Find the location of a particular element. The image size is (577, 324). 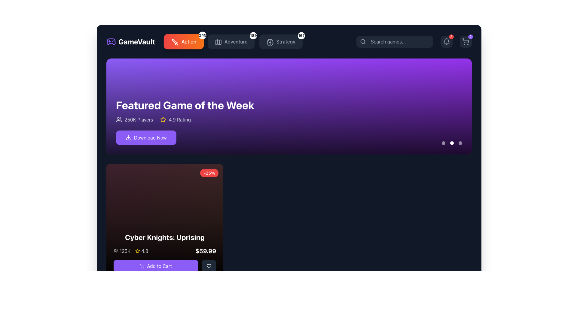

rating information displayed by the combination of an icon and text label showing a rating of 4.9, located to the right of '250K Players' on a purple background is located at coordinates (175, 119).